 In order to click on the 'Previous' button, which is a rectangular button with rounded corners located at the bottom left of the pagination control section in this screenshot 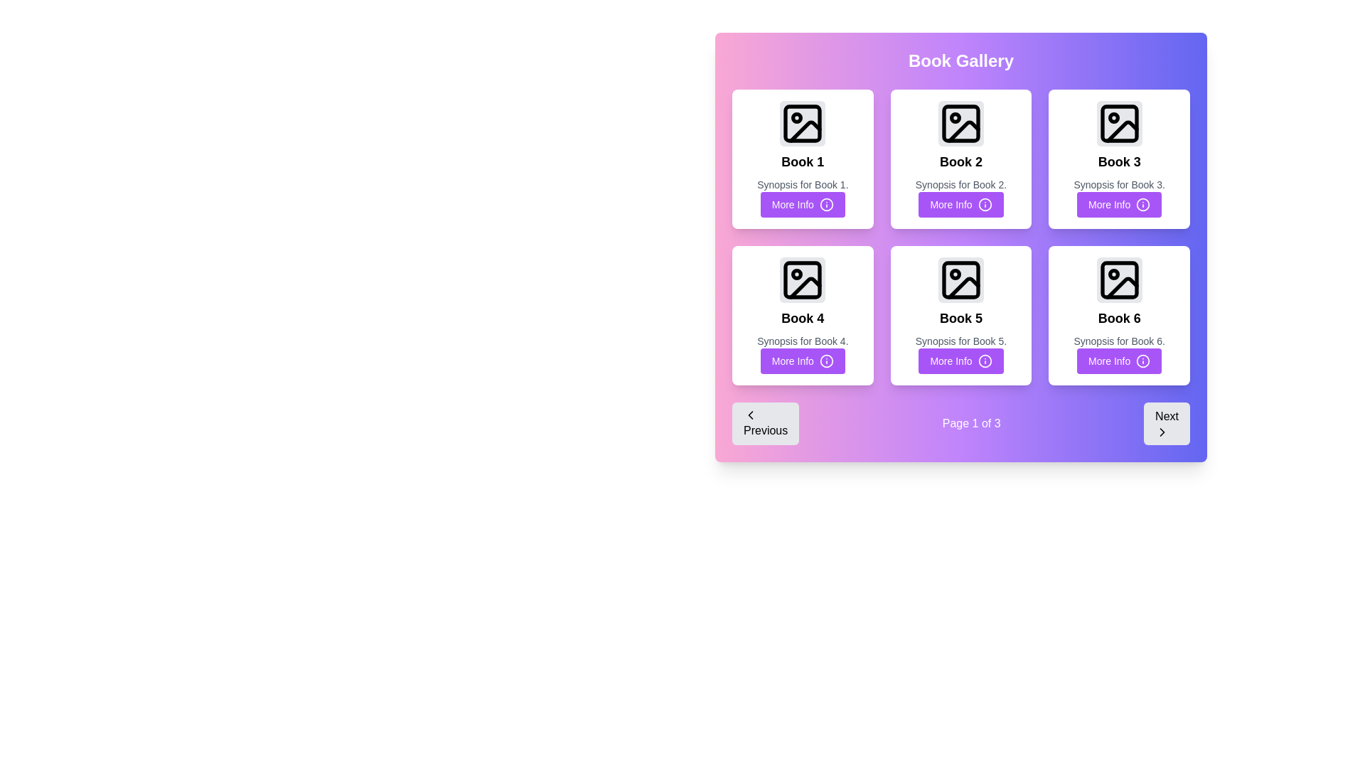, I will do `click(765, 423)`.